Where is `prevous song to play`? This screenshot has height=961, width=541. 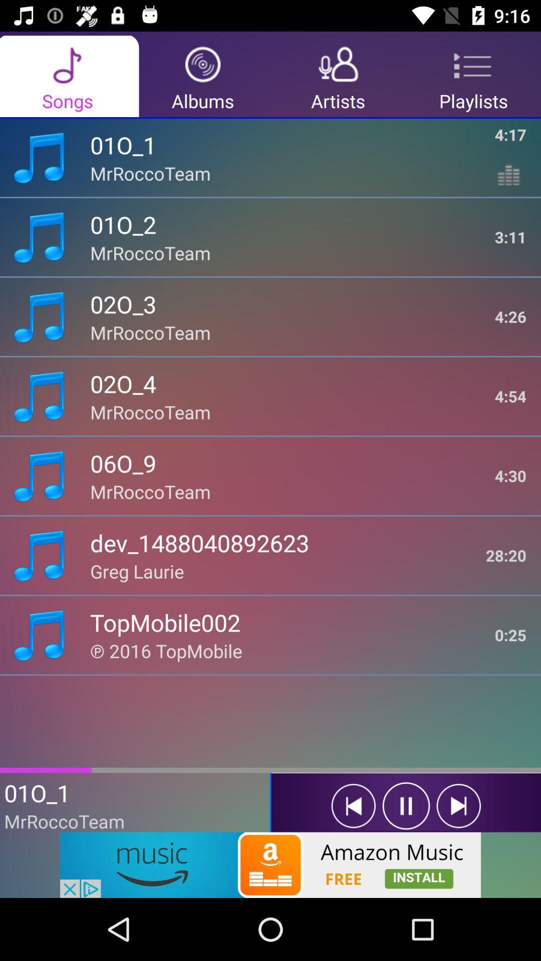
prevous song to play is located at coordinates (353, 806).